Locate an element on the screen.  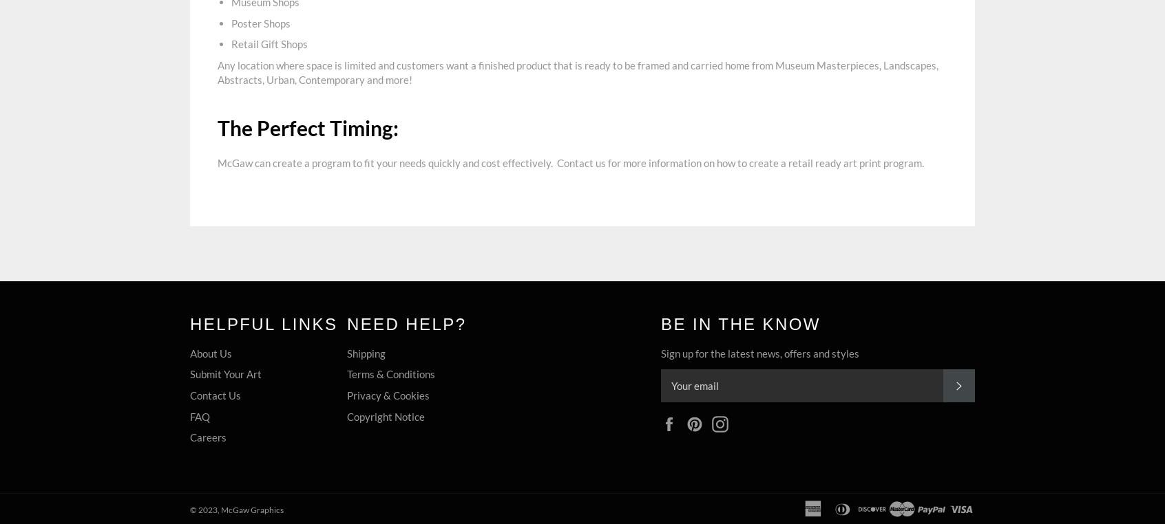
'Retail Gift Shops' is located at coordinates (269, 44).